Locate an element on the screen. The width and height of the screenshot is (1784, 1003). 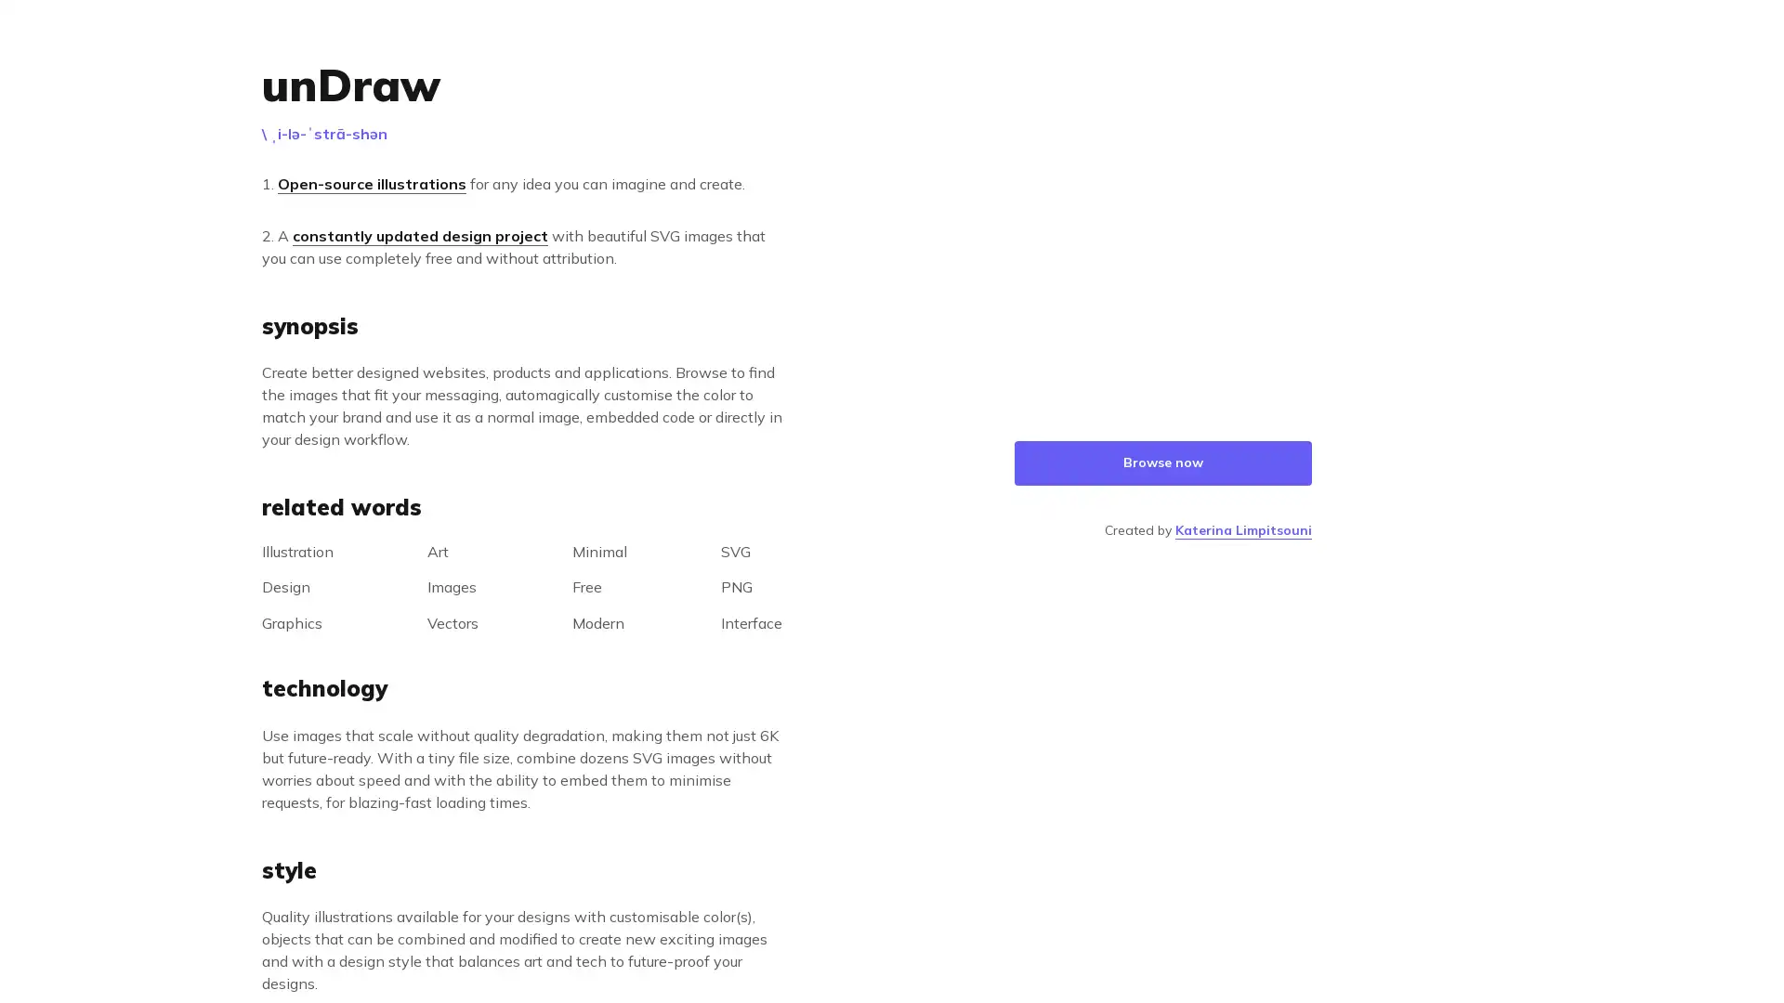
Browse now is located at coordinates (1162, 461).